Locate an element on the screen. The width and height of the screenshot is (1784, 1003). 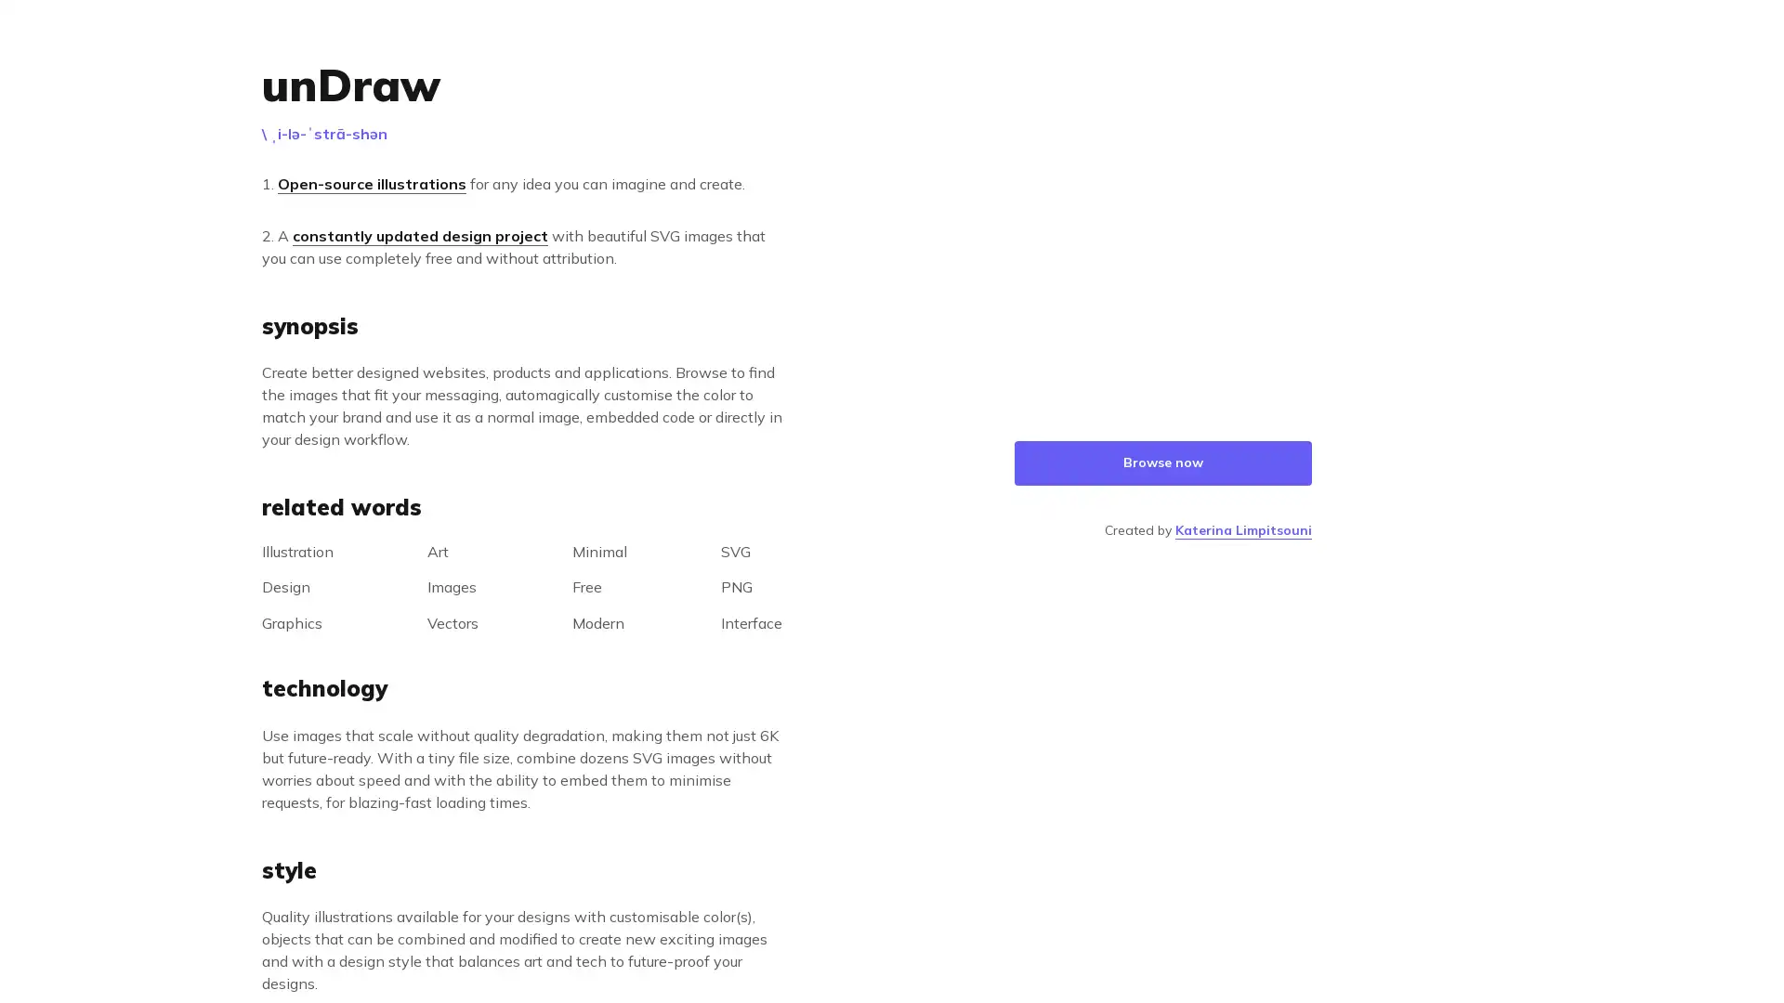
Browse now is located at coordinates (1162, 461).